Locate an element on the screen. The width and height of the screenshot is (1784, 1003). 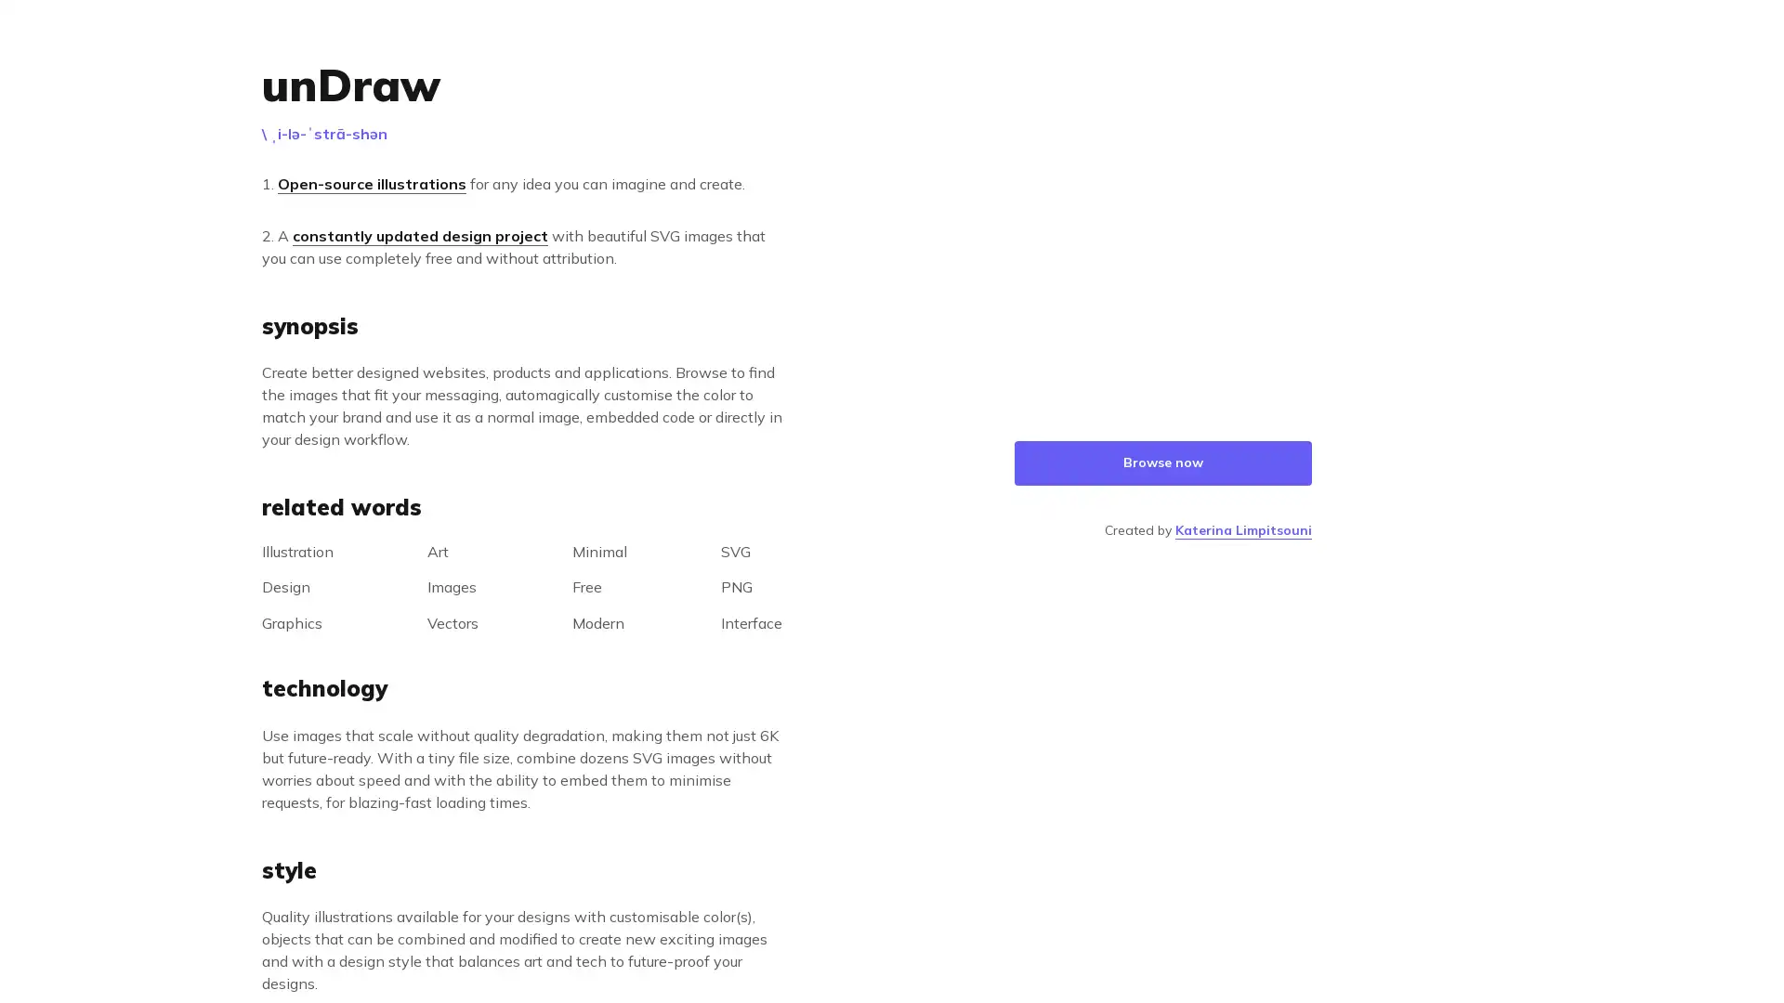
Browse now is located at coordinates (1162, 461).